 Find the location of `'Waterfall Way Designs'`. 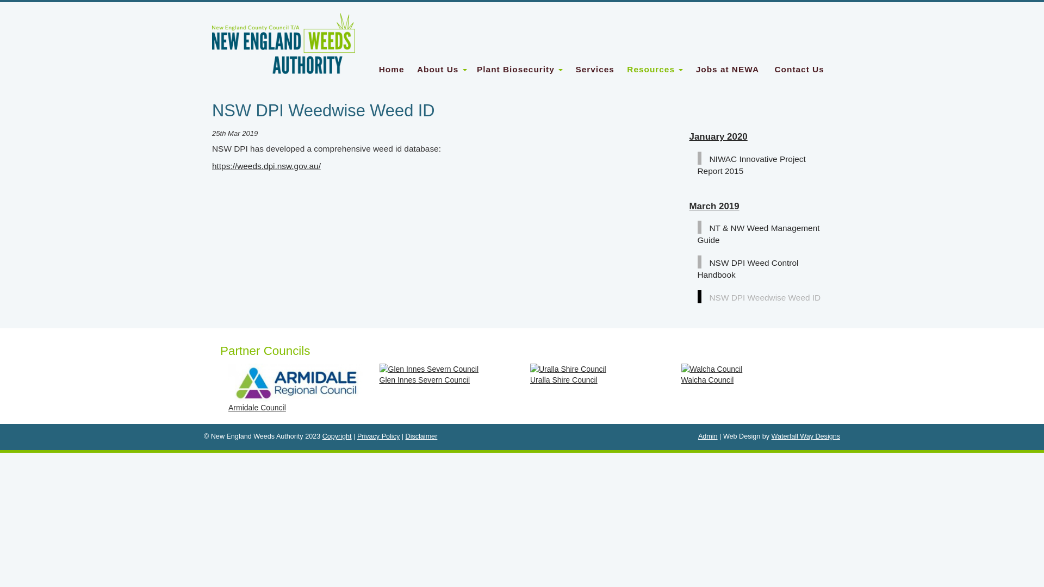

'Waterfall Way Designs' is located at coordinates (806, 435).